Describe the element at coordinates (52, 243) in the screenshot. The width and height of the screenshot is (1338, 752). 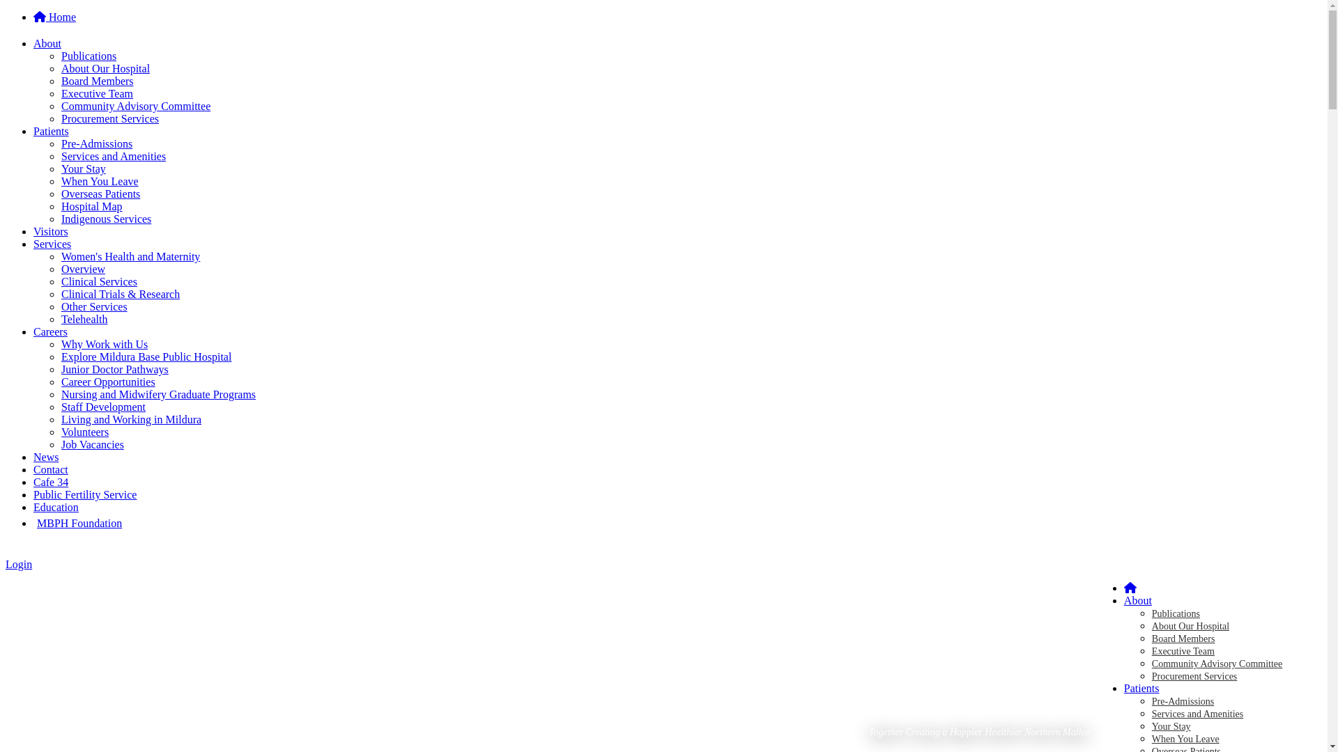
I see `'Services'` at that location.